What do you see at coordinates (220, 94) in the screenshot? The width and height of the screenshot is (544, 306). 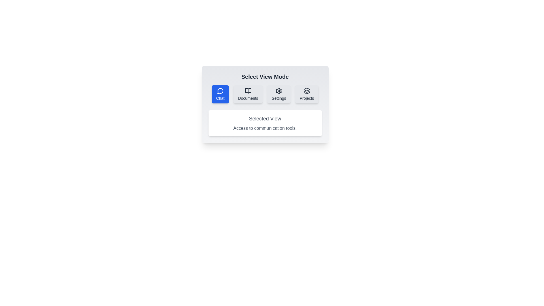 I see `the button labeled 'Chat' to observe its hover effect` at bounding box center [220, 94].